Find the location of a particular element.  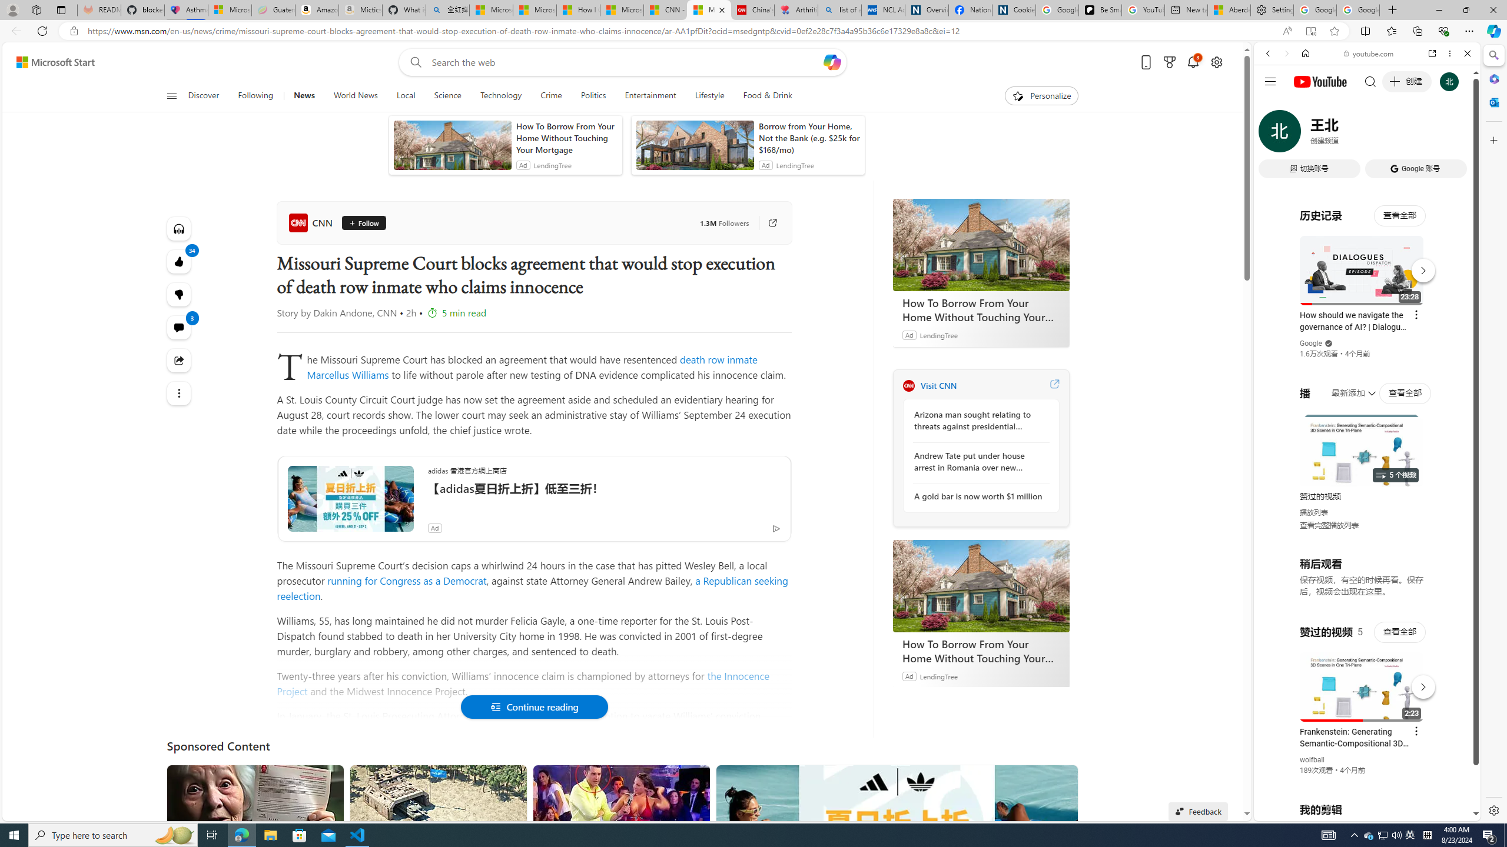

'Entertainment' is located at coordinates (650, 95).